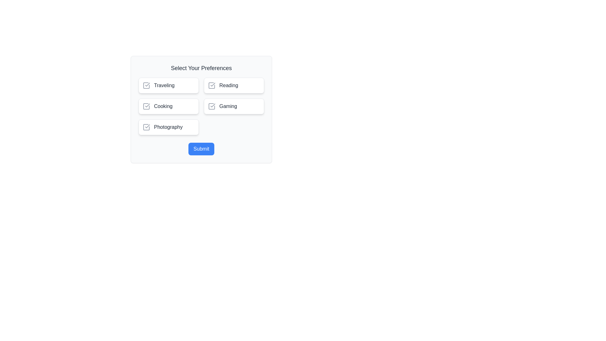 Image resolution: width=606 pixels, height=341 pixels. What do you see at coordinates (234, 85) in the screenshot?
I see `the 'Reading' selectable option button, which features a checkmark icon and bold dark-gray text` at bounding box center [234, 85].